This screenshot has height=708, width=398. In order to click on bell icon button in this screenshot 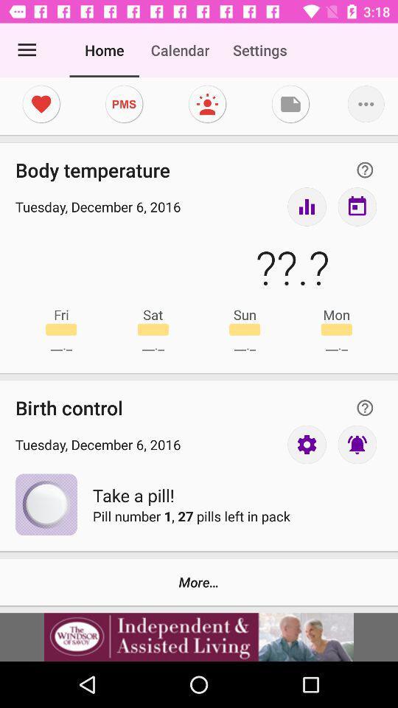, I will do `click(356, 443)`.